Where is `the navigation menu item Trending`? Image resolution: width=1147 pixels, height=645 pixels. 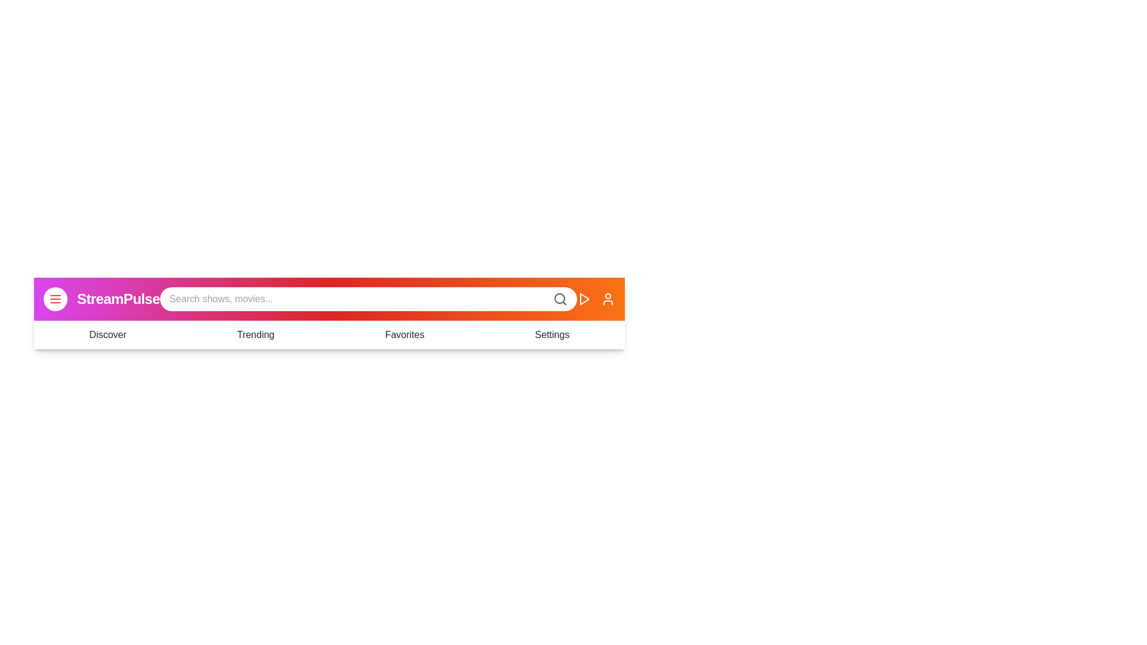 the navigation menu item Trending is located at coordinates (254, 334).